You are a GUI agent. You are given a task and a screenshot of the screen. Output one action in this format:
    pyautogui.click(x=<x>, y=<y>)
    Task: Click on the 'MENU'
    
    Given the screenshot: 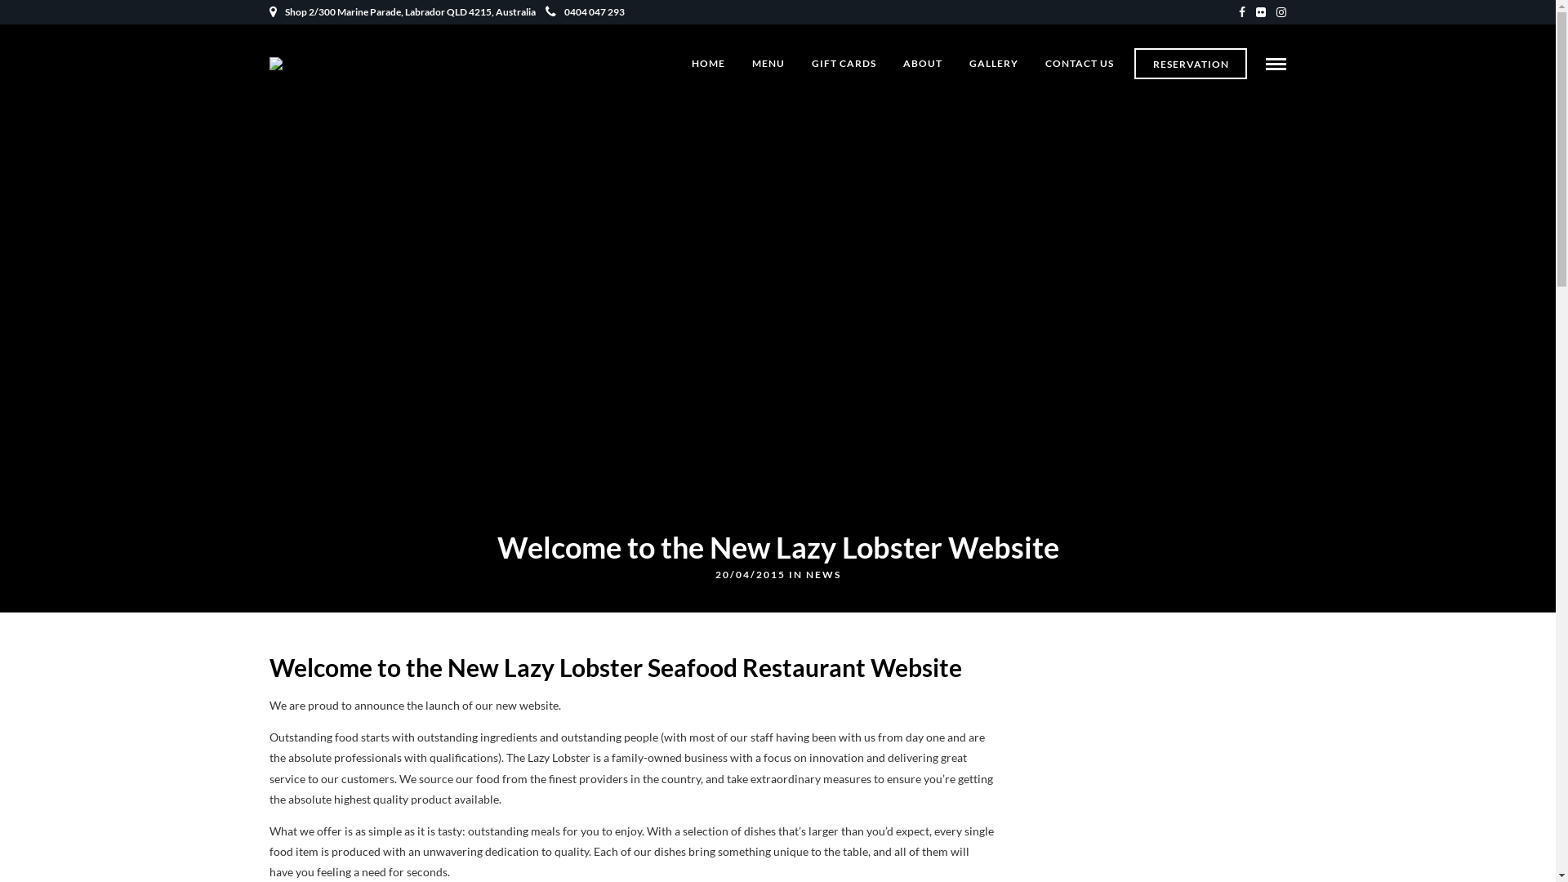 What is the action you would take?
    pyautogui.click(x=767, y=63)
    